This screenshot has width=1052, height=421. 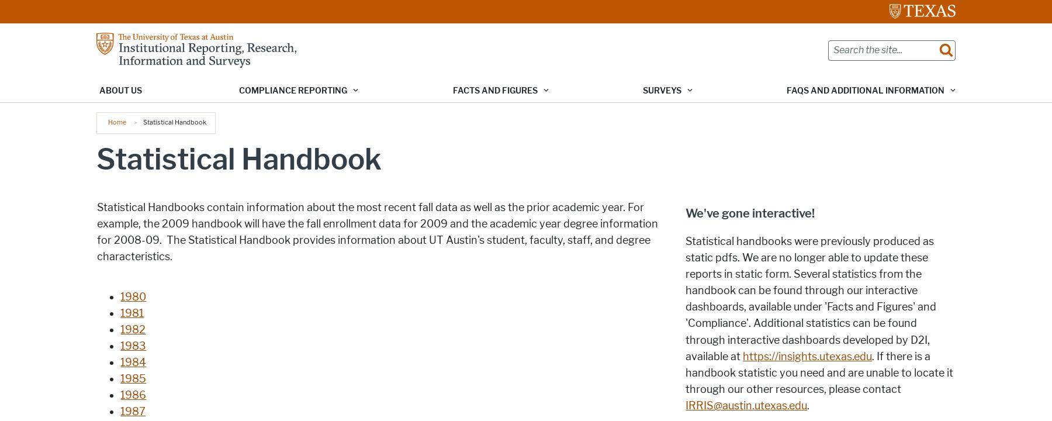 What do you see at coordinates (133, 395) in the screenshot?
I see `'1986'` at bounding box center [133, 395].